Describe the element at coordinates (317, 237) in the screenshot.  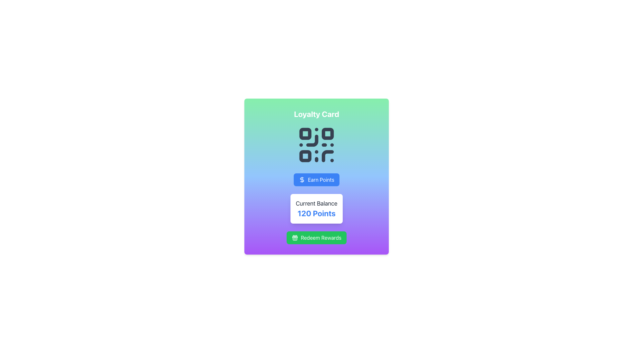
I see `the green 'Redeem Rewards' button with a white gift icon` at that location.